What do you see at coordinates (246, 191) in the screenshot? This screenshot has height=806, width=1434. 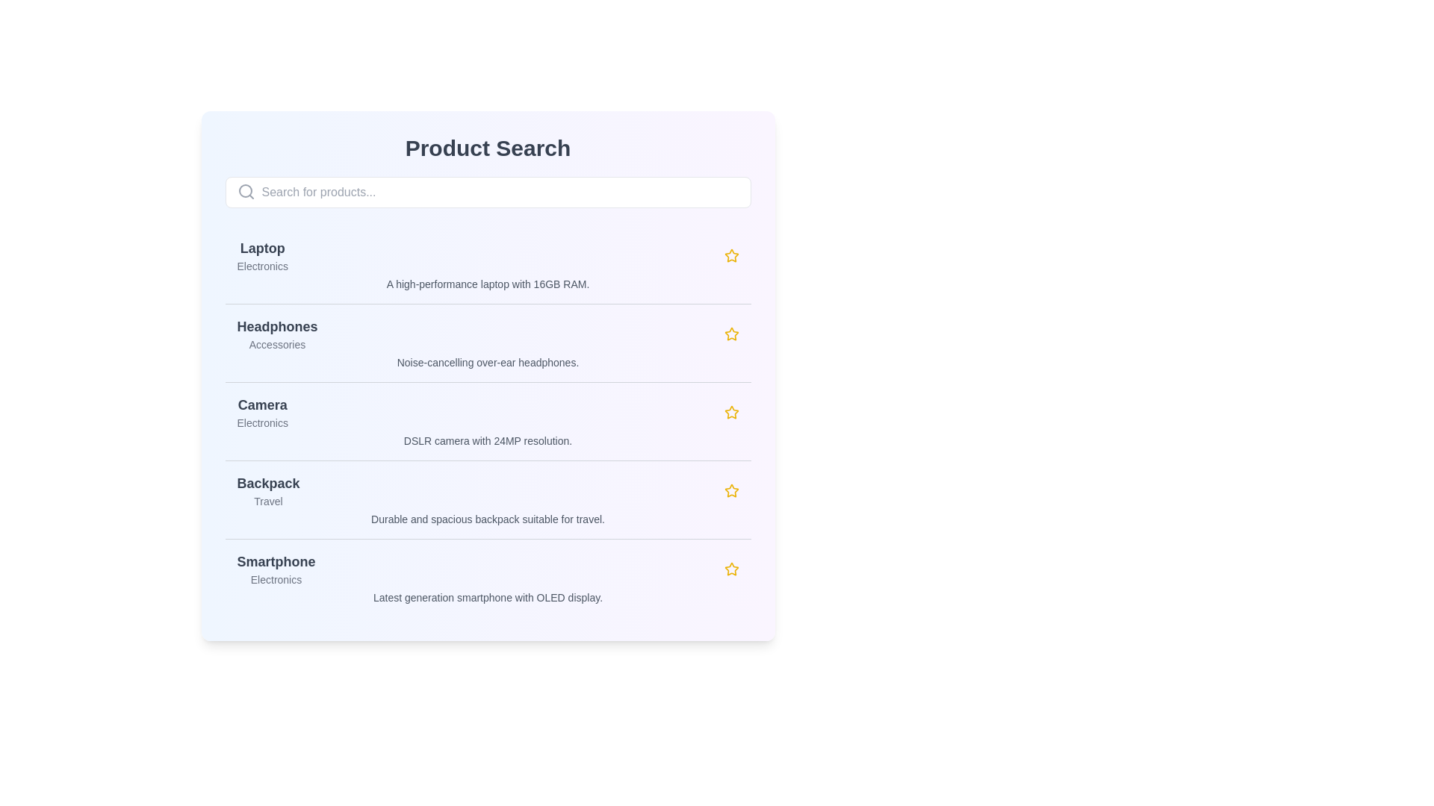 I see `the magnifying glass icon represented as an SVG image, which is gray in color and located inside the search input field` at bounding box center [246, 191].